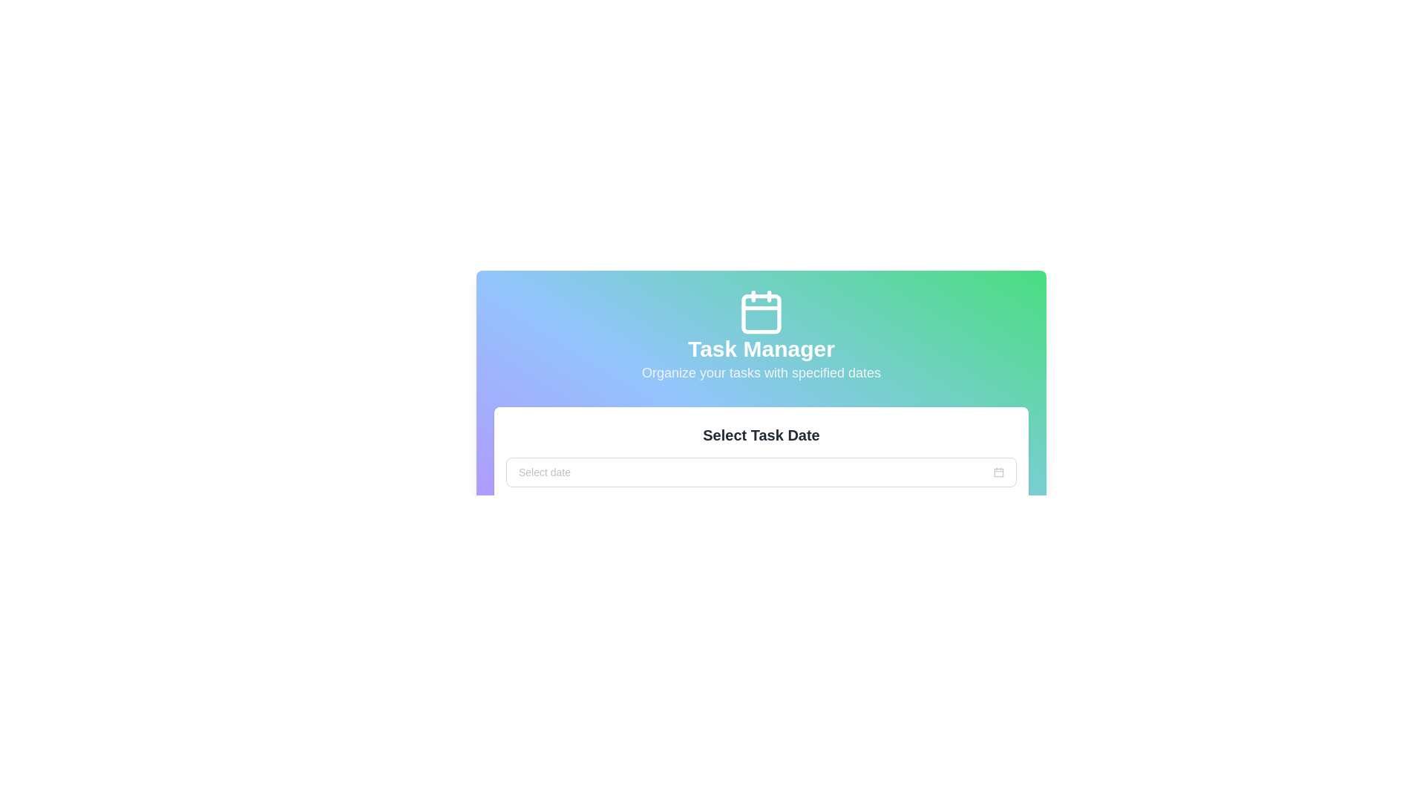  I want to click on text from the header Text Label located at the top of the white panel, which clarifies the purpose of the following components related to selecting a task date, so click(761, 434).